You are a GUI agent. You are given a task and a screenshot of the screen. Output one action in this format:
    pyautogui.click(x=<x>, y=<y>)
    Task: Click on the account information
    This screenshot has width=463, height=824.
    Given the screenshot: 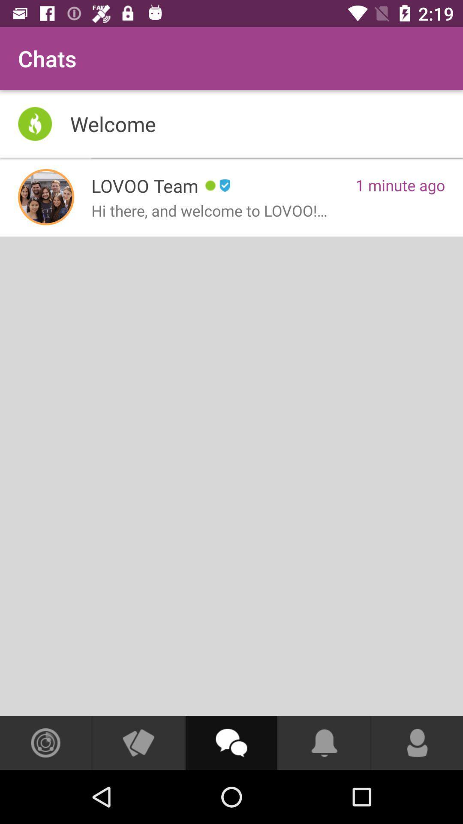 What is the action you would take?
    pyautogui.click(x=417, y=742)
    